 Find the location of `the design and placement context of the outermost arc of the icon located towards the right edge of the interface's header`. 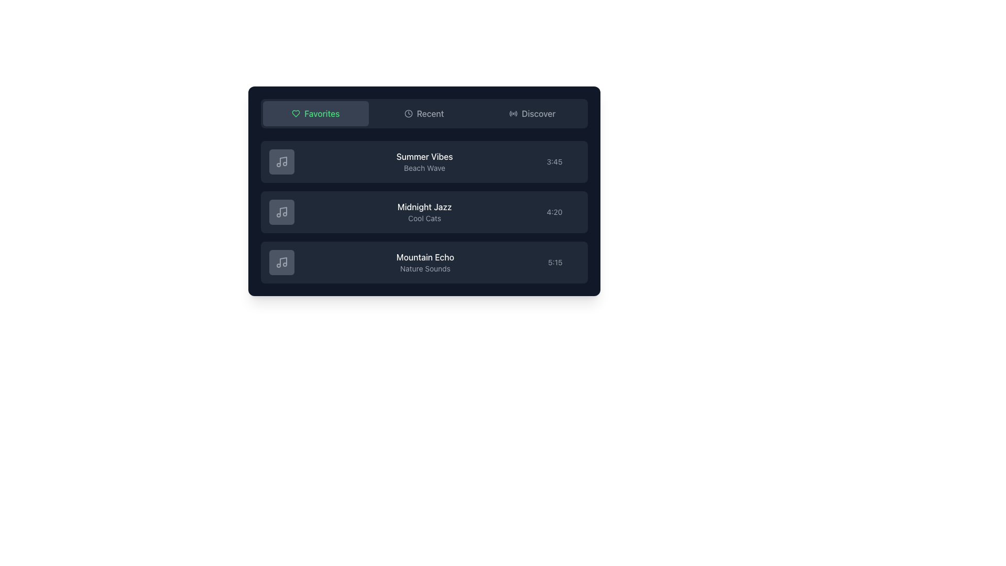

the design and placement context of the outermost arc of the icon located towards the right edge of the interface's header is located at coordinates (516, 113).